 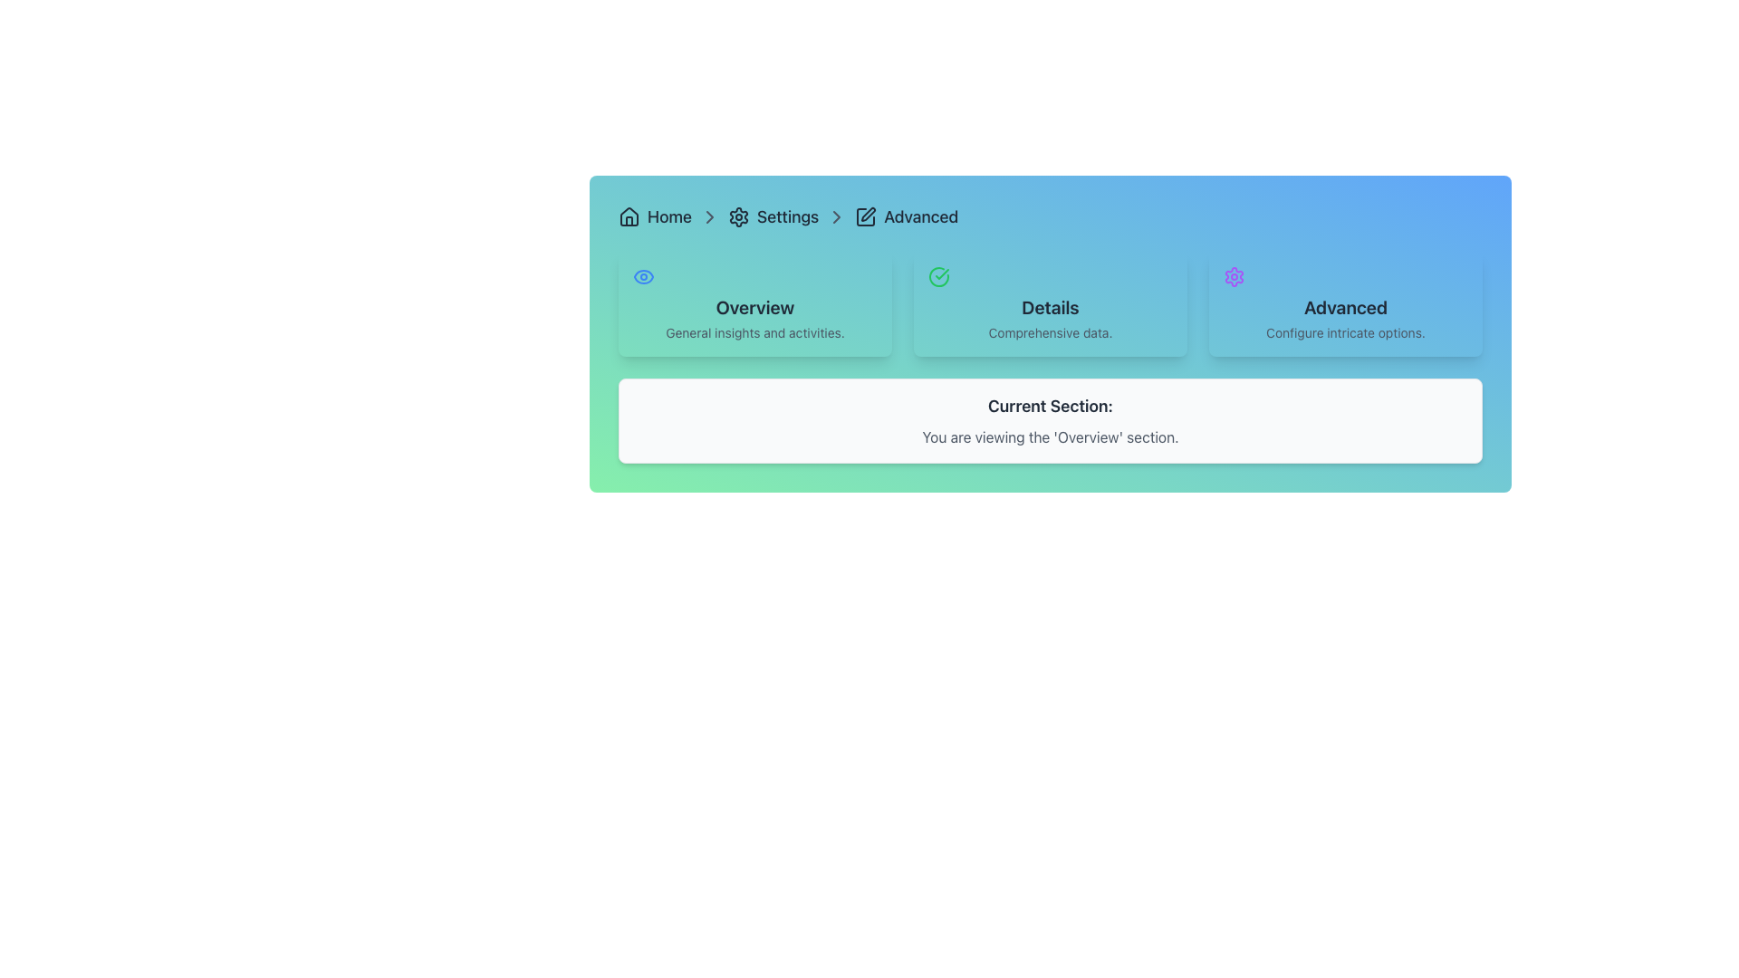 I want to click on the 'Advanced' hyperlink in the breadcrumb navigation bar, so click(x=921, y=216).